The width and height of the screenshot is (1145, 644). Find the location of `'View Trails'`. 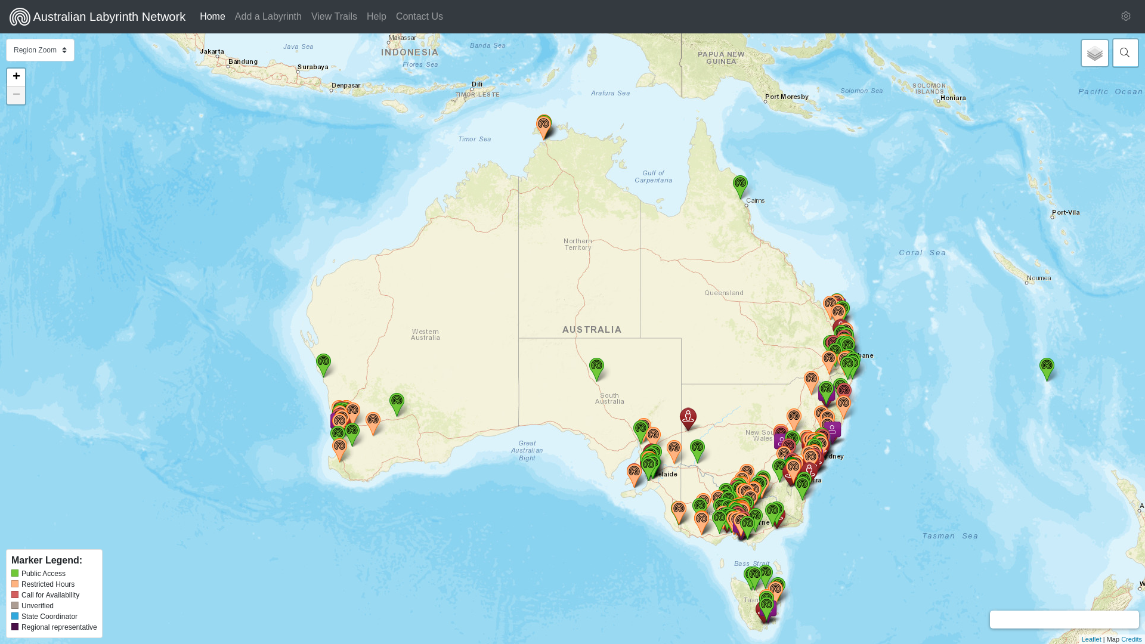

'View Trails' is located at coordinates (334, 16).